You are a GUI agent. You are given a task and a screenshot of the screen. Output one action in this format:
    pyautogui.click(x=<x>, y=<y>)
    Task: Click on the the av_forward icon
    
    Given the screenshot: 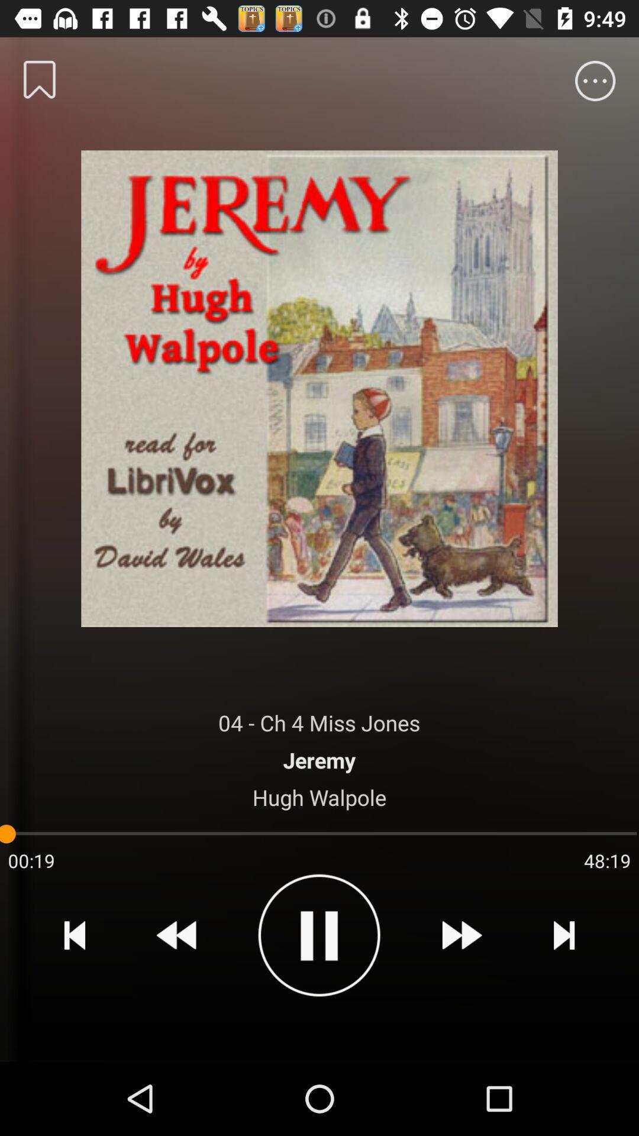 What is the action you would take?
    pyautogui.click(x=461, y=934)
    